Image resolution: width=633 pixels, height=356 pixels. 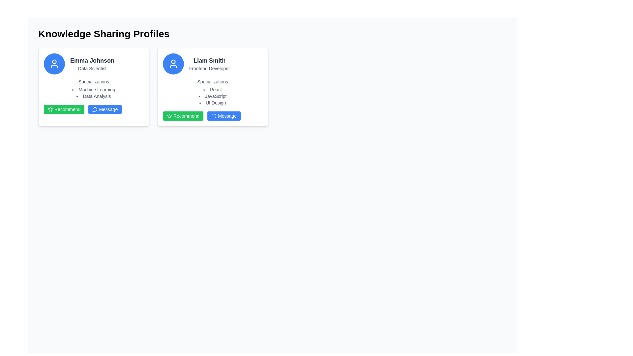 What do you see at coordinates (92, 61) in the screenshot?
I see `the static text label displaying 'Emma Johnson', which is styled in bold black font and is located near the top of the profile card in the first column of the layout` at bounding box center [92, 61].